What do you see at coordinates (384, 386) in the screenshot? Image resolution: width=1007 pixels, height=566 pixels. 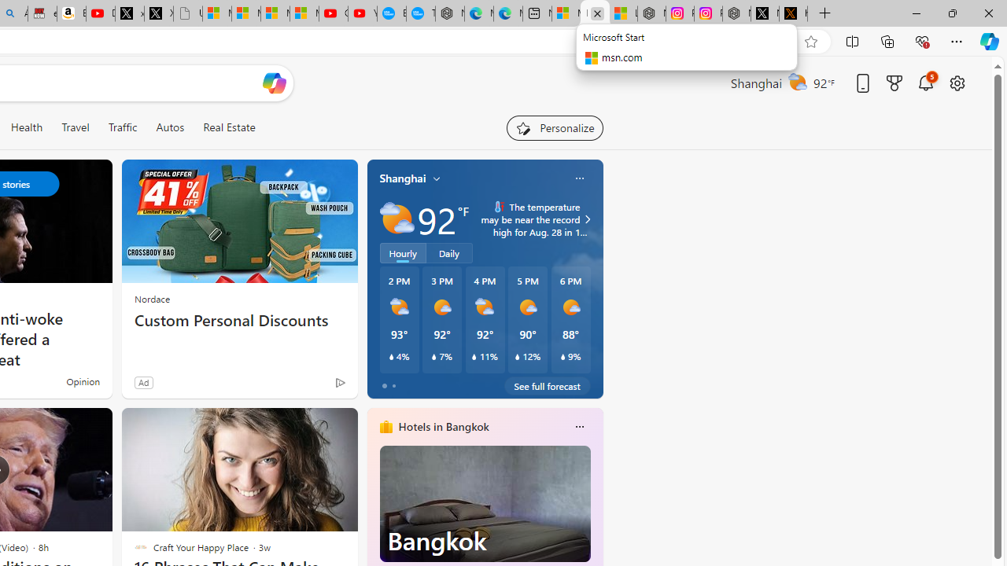 I see `'tab-0'` at bounding box center [384, 386].